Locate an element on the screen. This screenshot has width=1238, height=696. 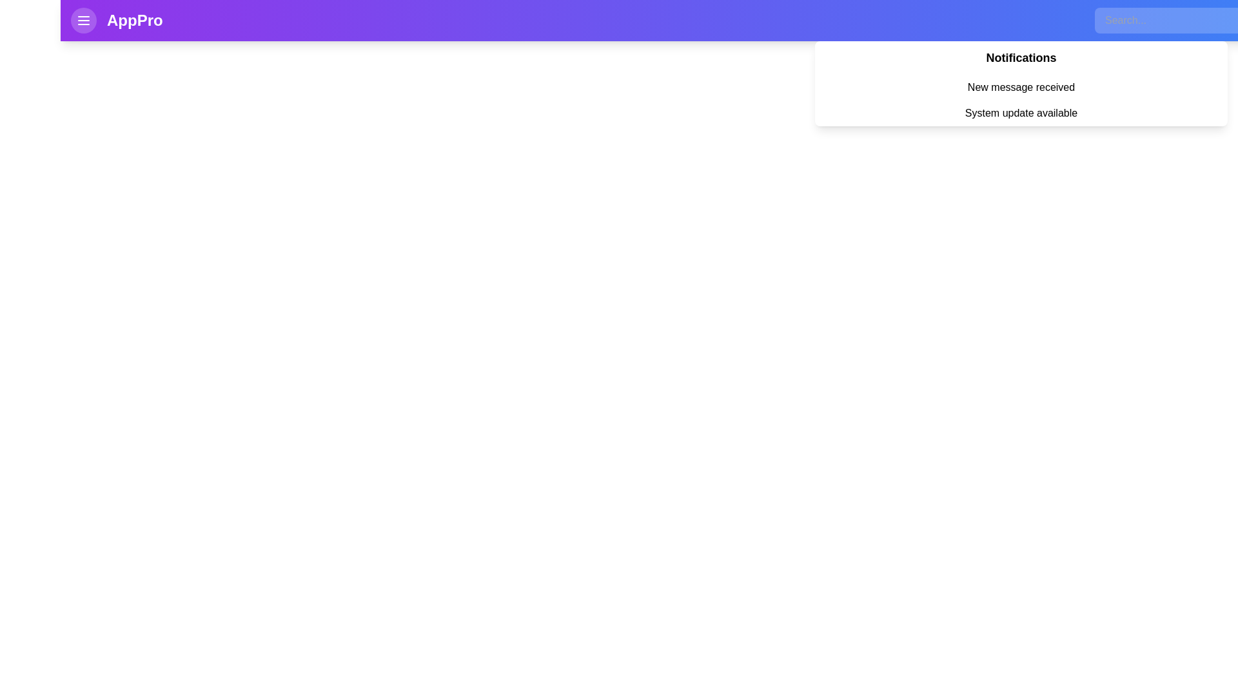
the text label or heading that serves as a title for the notifications dropdown, located at the top-right corner of the interface is located at coordinates (1021, 57).